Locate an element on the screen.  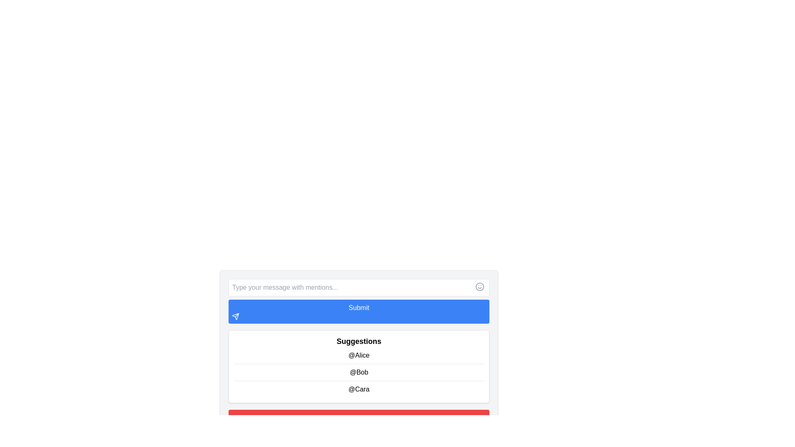
the first suggestion item in the Suggestions list is located at coordinates (359, 355).